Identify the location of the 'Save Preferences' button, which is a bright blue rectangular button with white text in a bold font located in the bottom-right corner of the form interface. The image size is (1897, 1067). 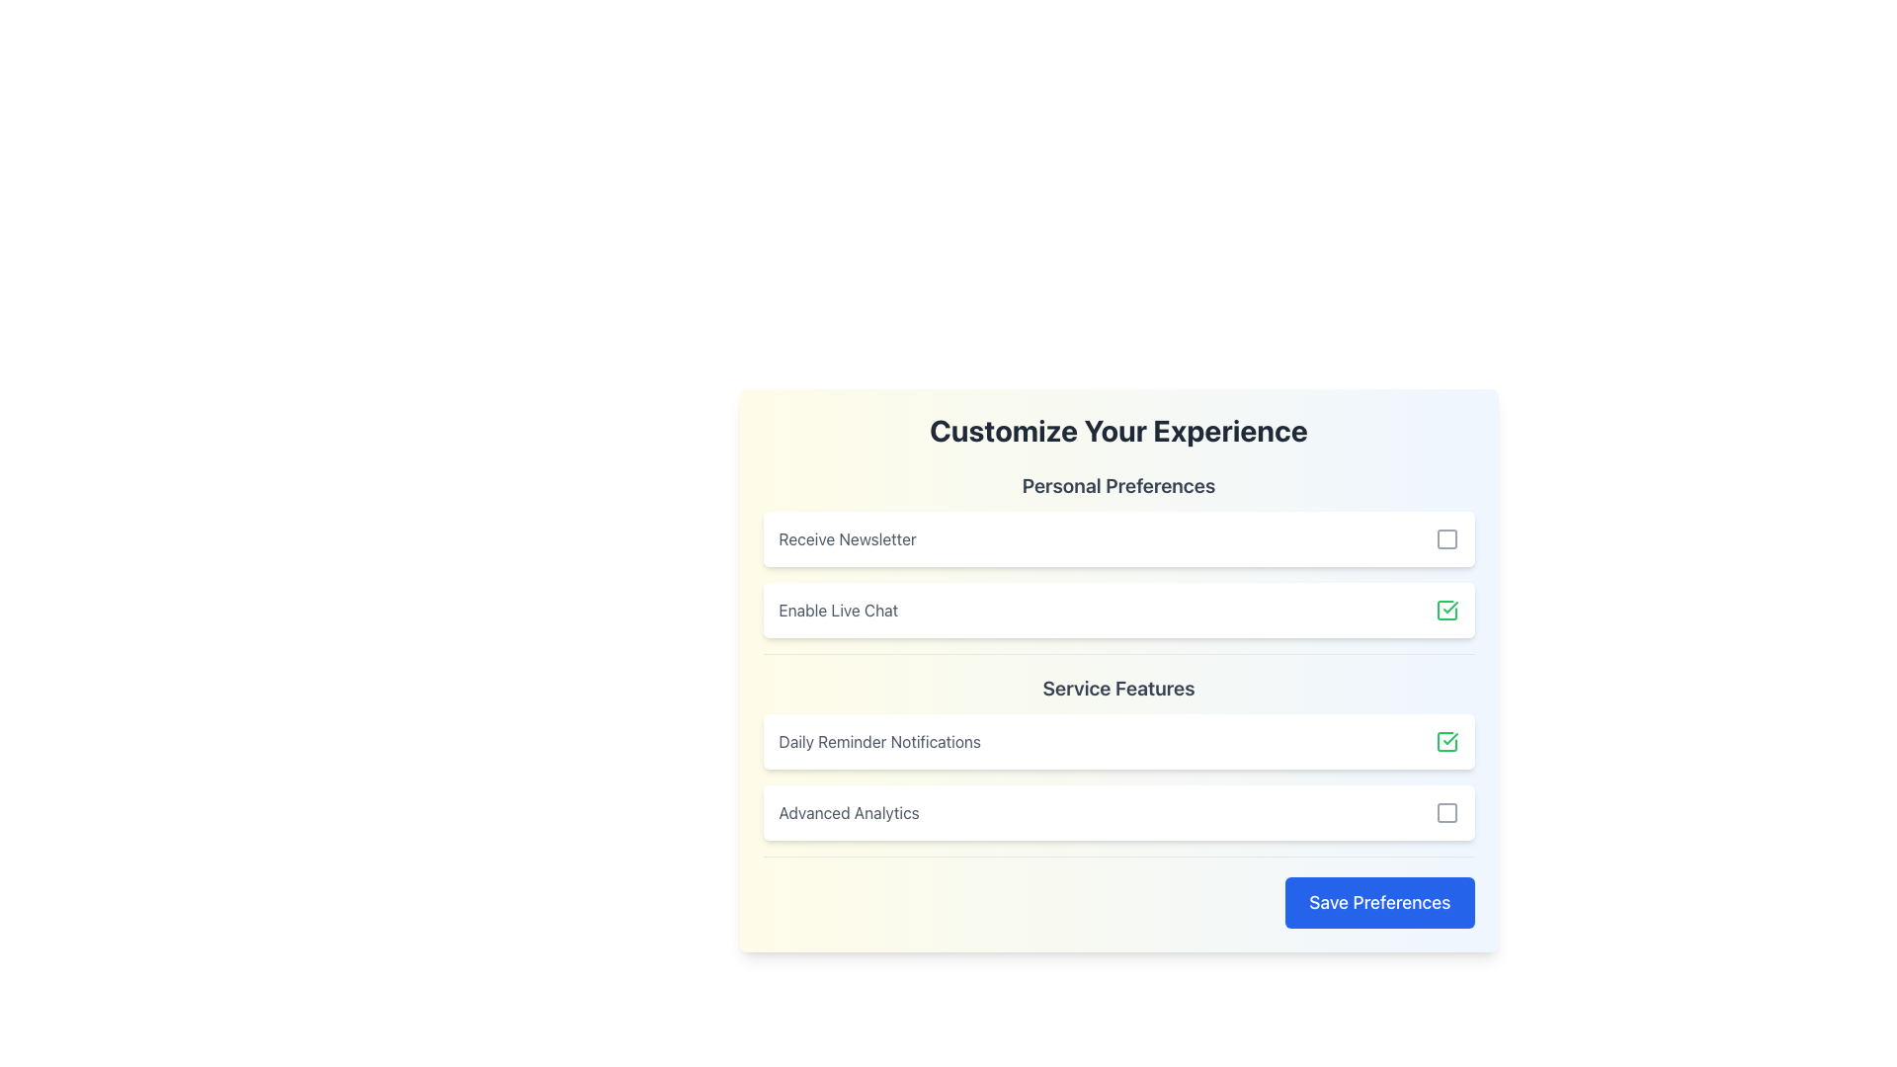
(1378, 903).